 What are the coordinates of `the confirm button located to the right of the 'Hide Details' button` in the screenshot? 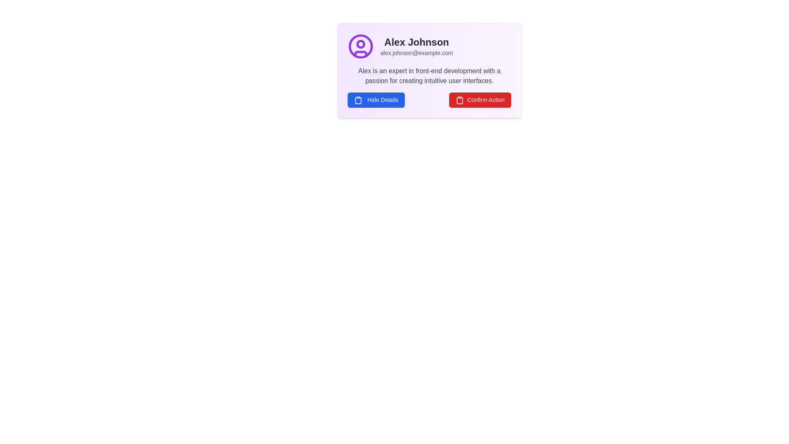 It's located at (480, 99).